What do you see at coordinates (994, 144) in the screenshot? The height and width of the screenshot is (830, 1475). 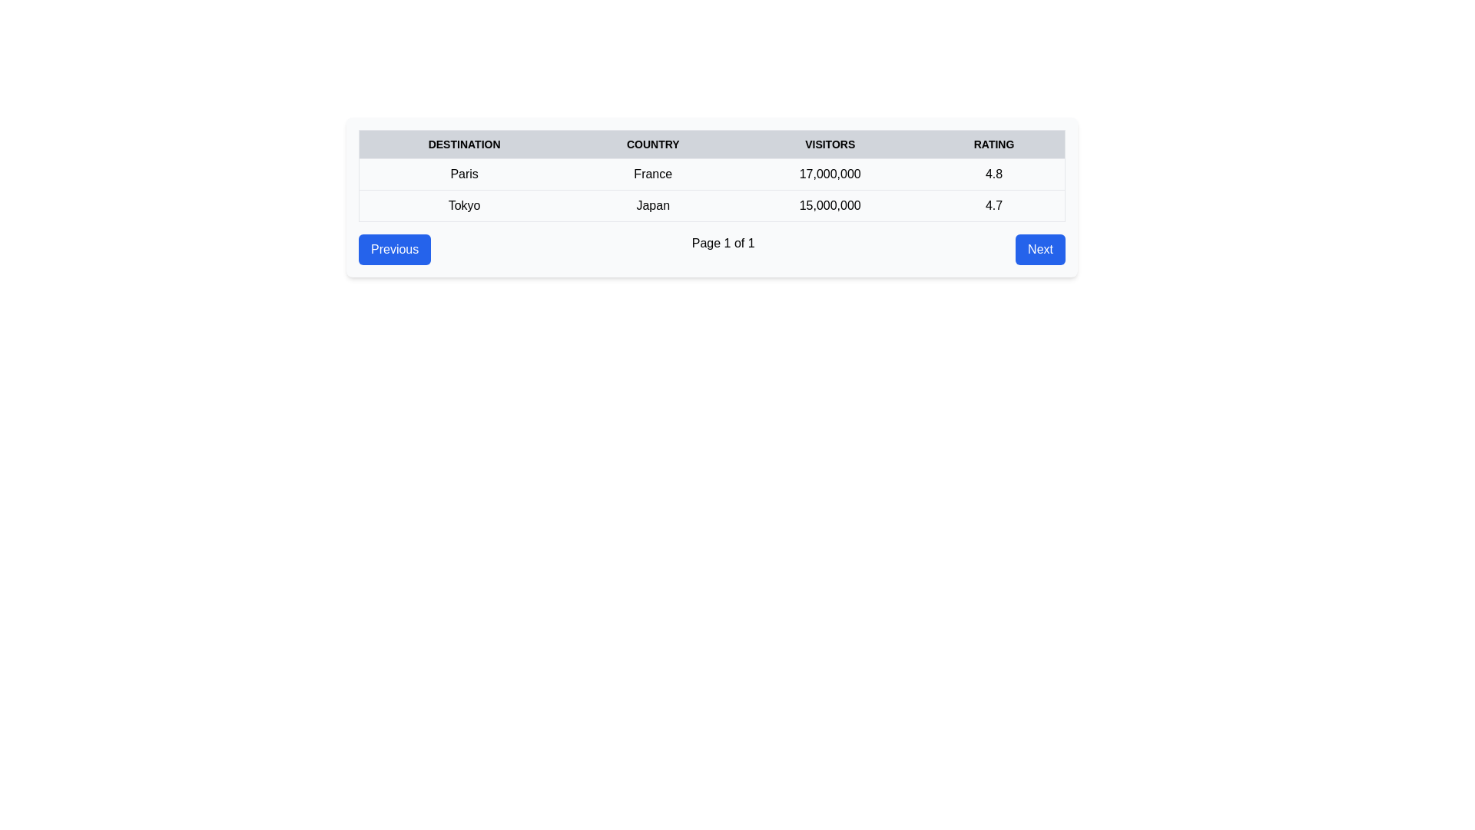 I see `the 'RATING' text label, which is the fourth column header in the table's header row, featuring bold, uppercase text on a light gray background` at bounding box center [994, 144].